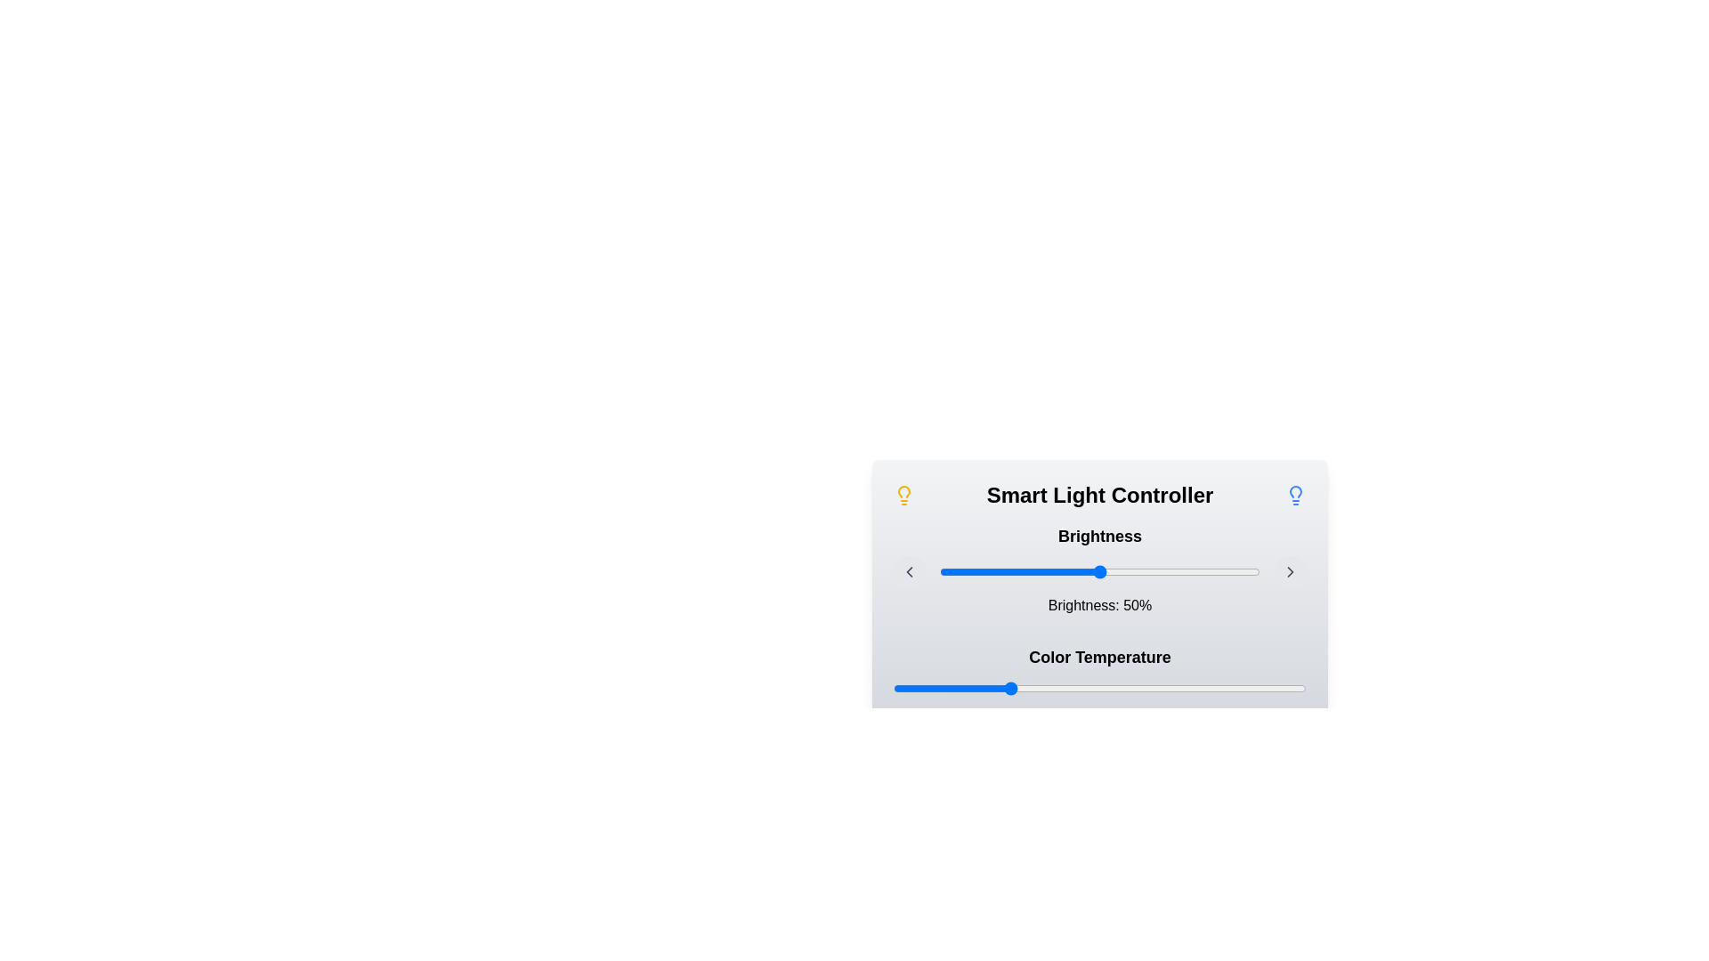 Image resolution: width=1709 pixels, height=961 pixels. Describe the element at coordinates (1108, 688) in the screenshot. I see `color temperature` at that location.